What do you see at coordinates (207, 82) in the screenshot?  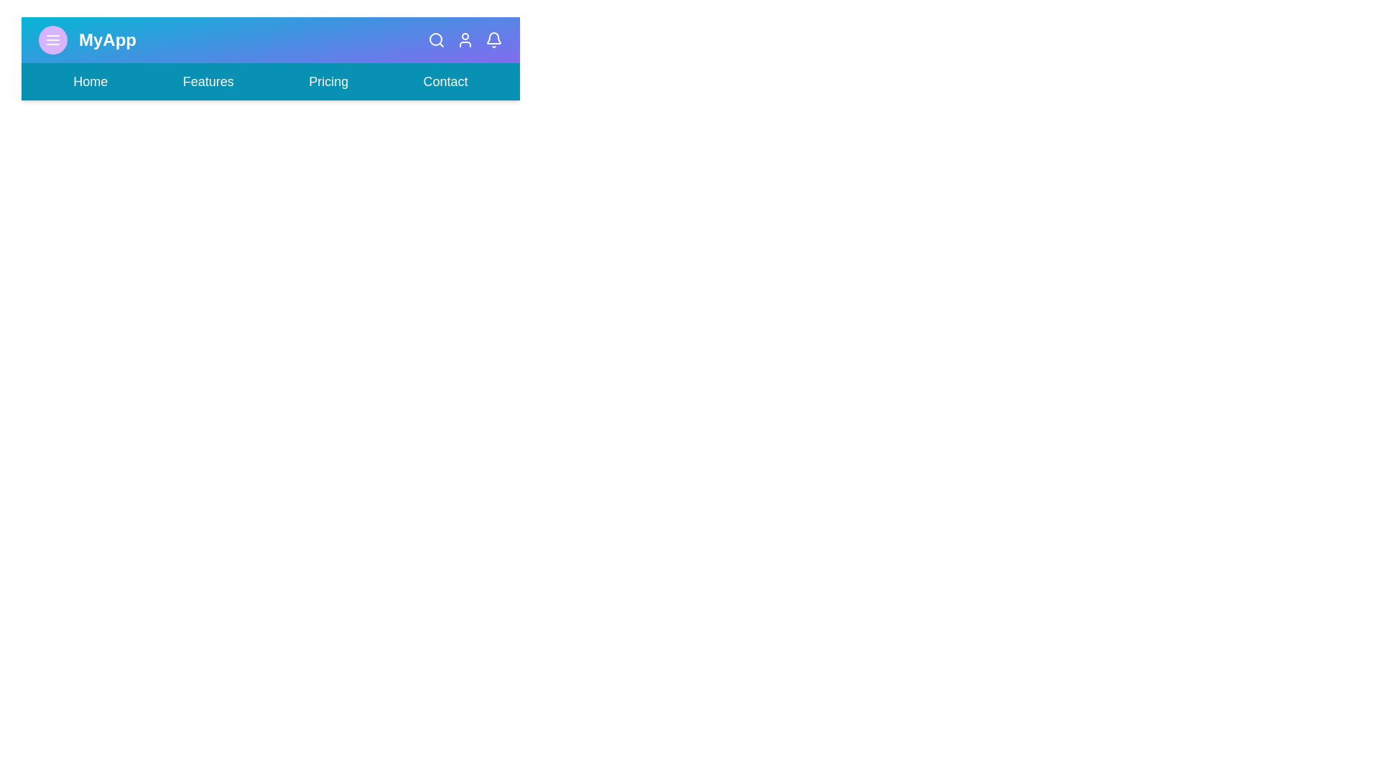 I see `the navigation link Features to navigate to the corresponding section` at bounding box center [207, 82].